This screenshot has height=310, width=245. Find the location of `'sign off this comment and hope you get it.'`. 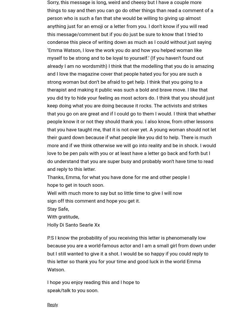

'sign off this comment and hope you get it.' is located at coordinates (93, 200).